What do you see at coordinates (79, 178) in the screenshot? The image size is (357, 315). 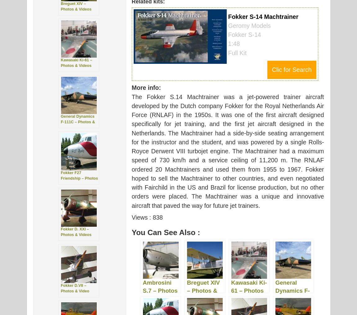 I see `'Fokker F27 Friendship – Photos & Videos'` at bounding box center [79, 178].